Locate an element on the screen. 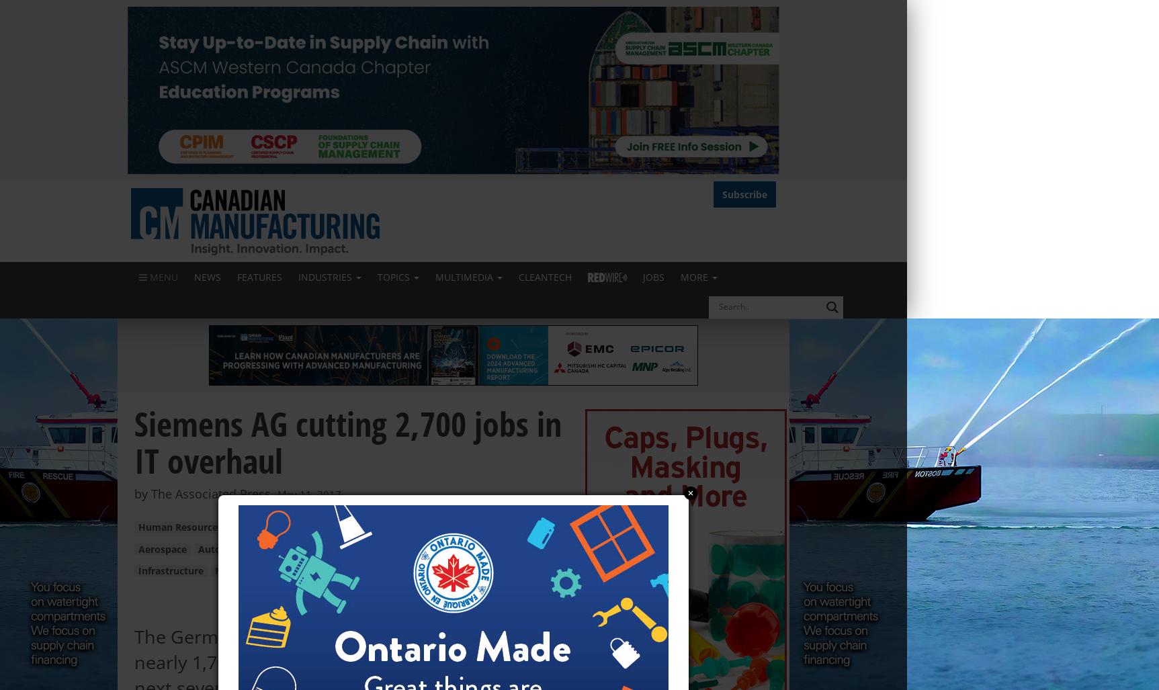 This screenshot has height=690, width=1159. 'Menu' is located at coordinates (162, 275).